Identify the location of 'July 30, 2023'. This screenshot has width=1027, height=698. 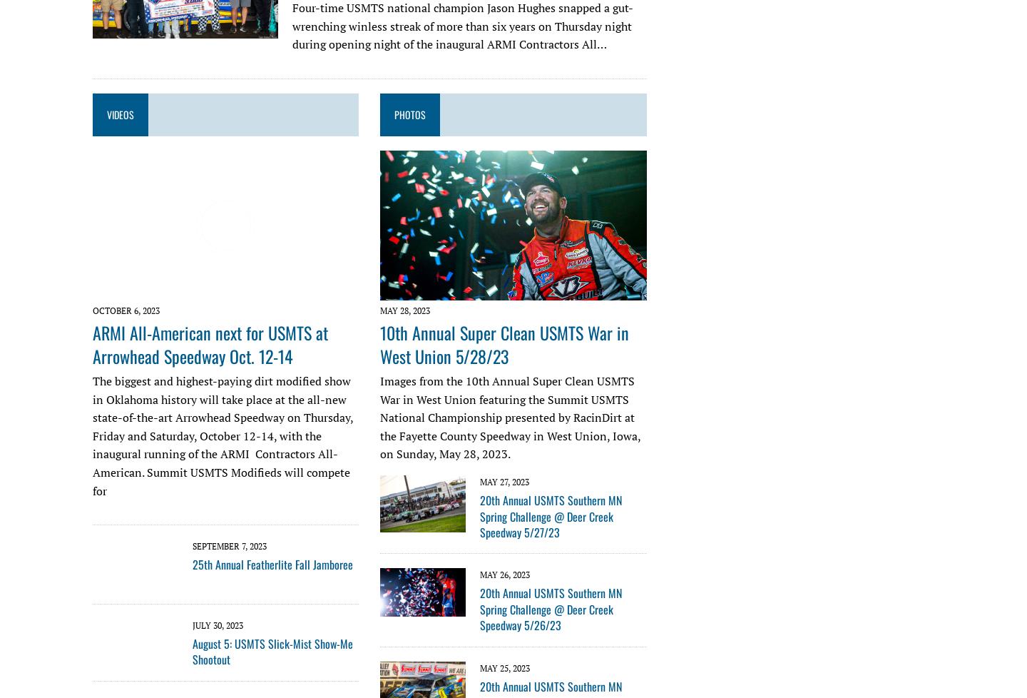
(218, 624).